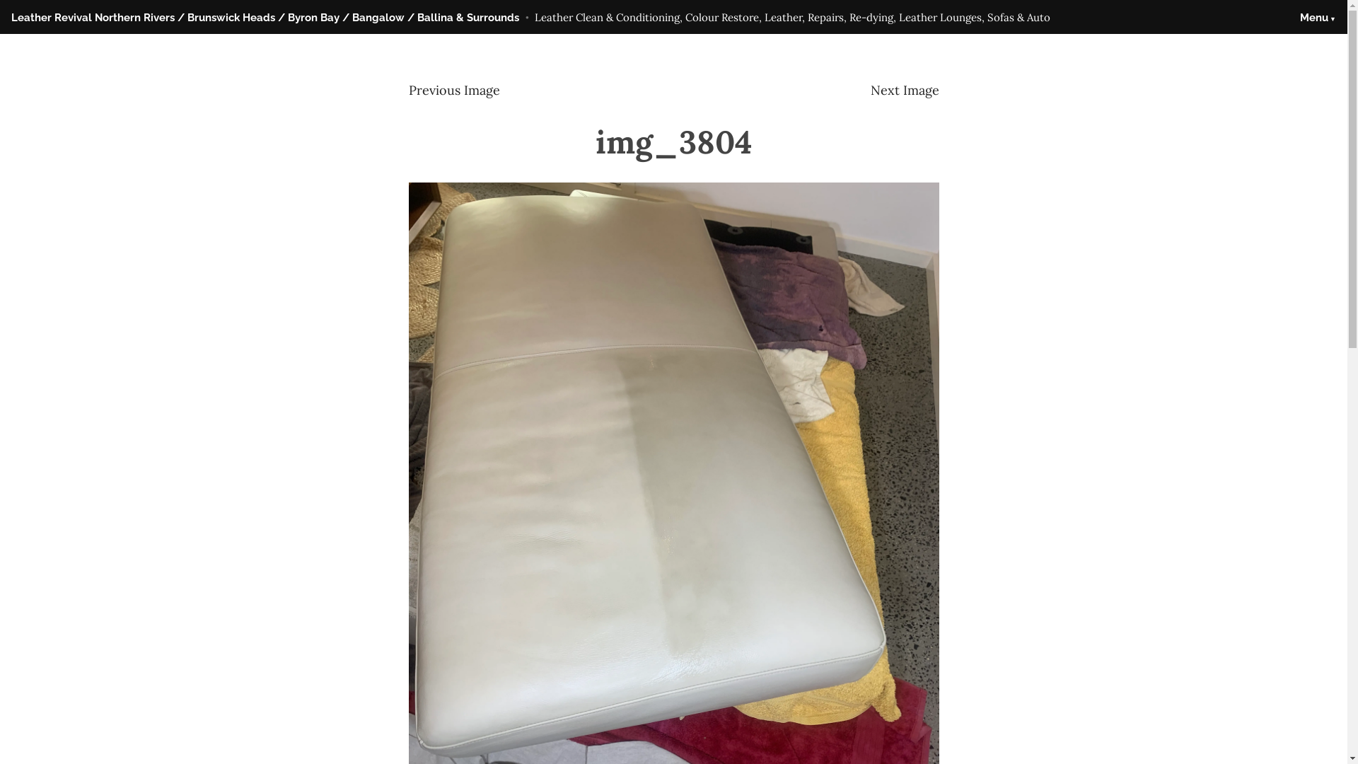  Describe the element at coordinates (869, 90) in the screenshot. I see `'Next Image'` at that location.